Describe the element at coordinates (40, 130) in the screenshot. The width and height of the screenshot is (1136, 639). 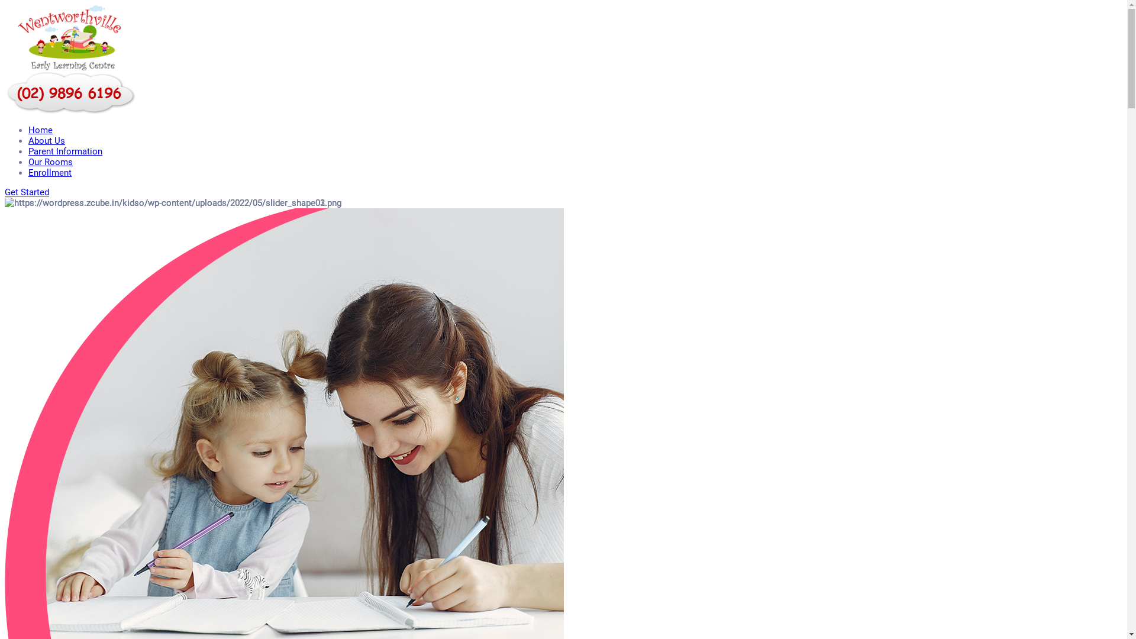
I see `'Home'` at that location.